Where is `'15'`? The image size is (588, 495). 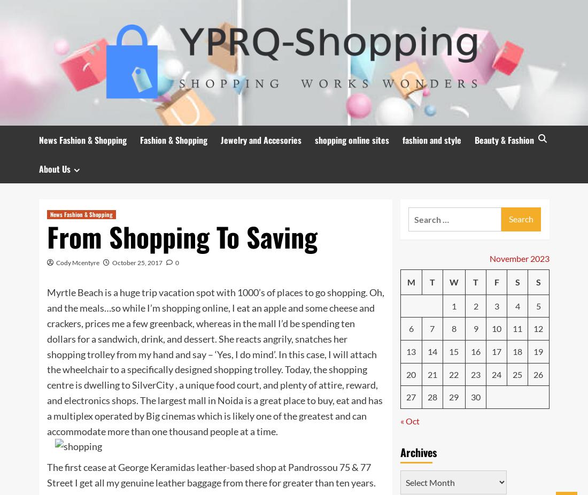 '15' is located at coordinates (448, 351).